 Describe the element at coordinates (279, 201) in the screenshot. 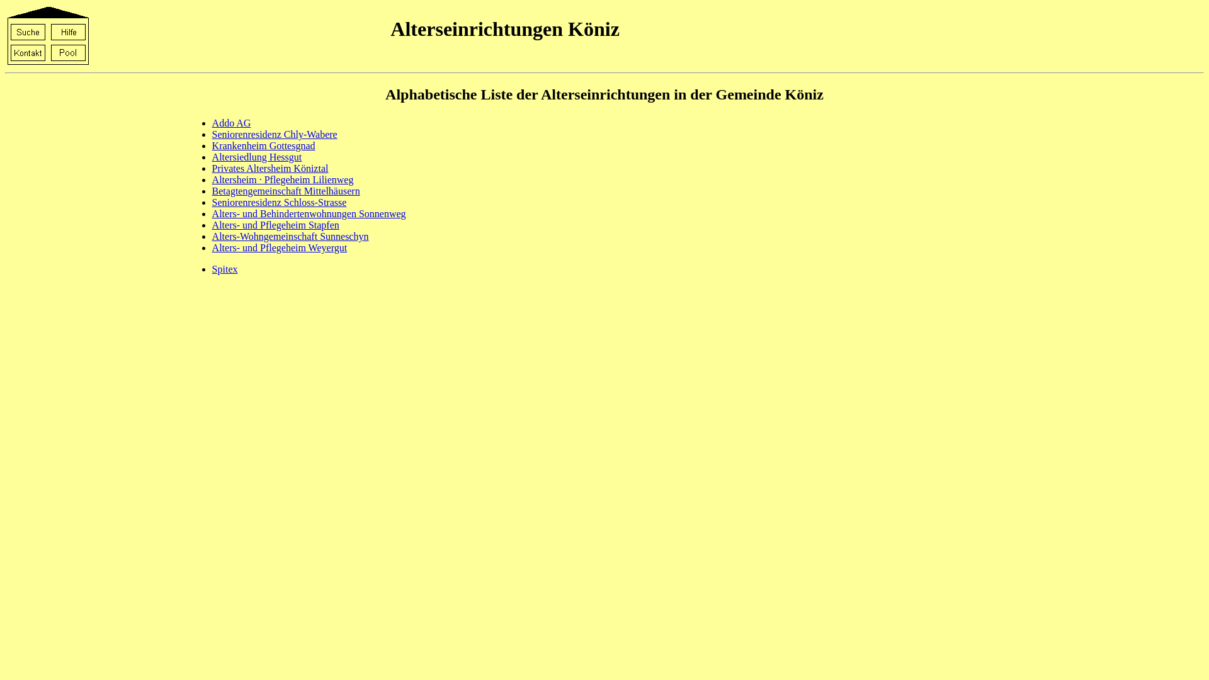

I see `'Seniorenresidenz Schloss-Strasse'` at that location.